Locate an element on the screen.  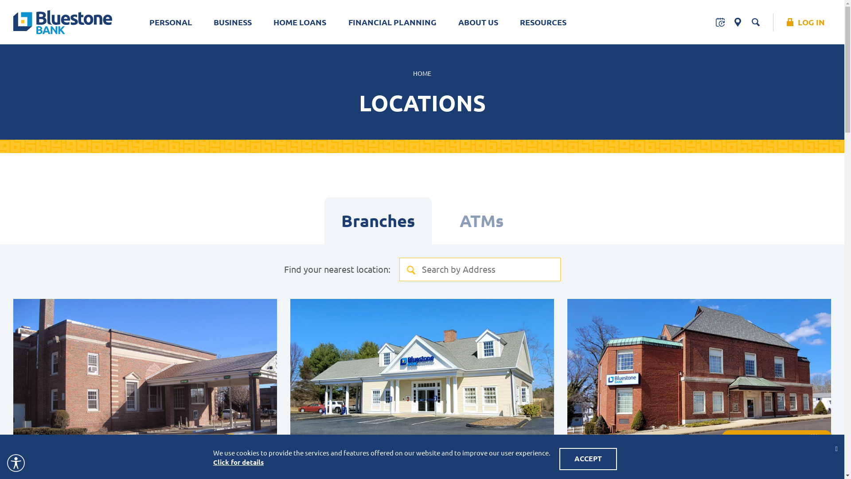
'Branches' is located at coordinates (378, 220).